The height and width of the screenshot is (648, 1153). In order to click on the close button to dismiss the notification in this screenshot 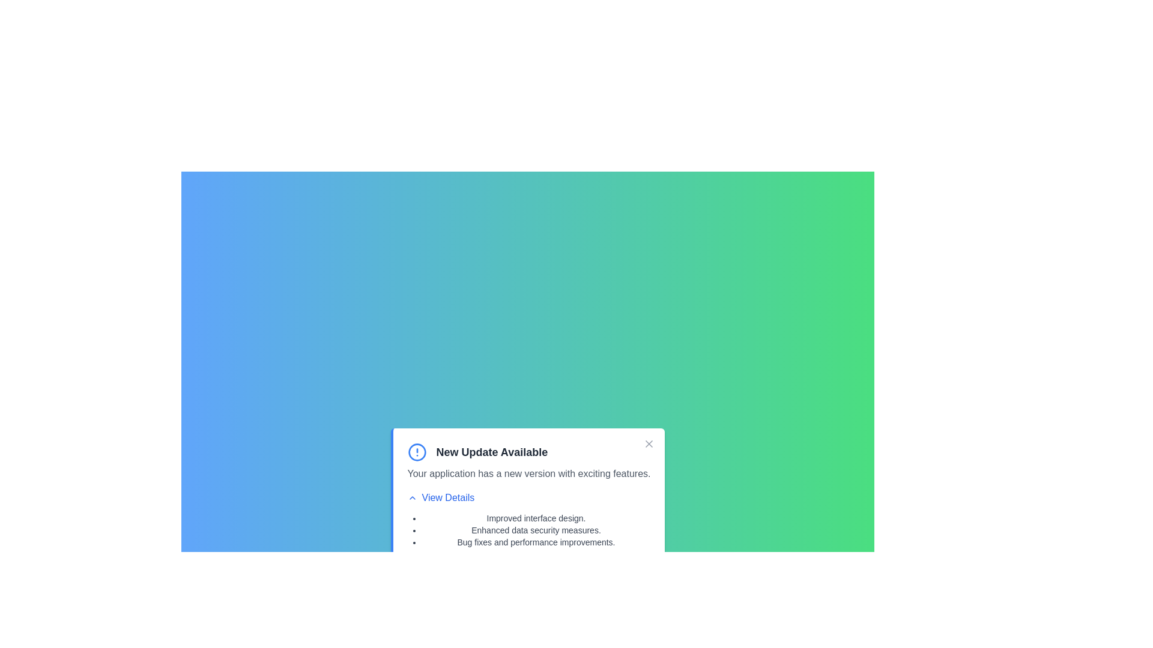, I will do `click(649, 444)`.